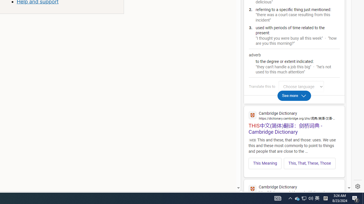 This screenshot has height=204, width=364. I want to click on 'This, That, These, Those', so click(309, 163).